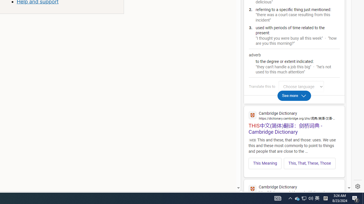 This screenshot has height=204, width=364. I want to click on 'This, That, These, Those', so click(309, 163).